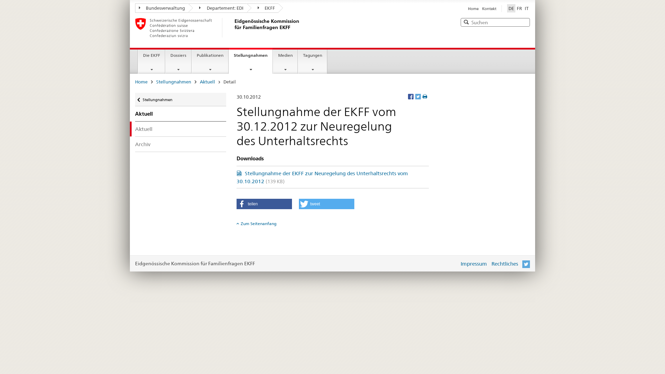 This screenshot has height=374, width=665. Describe the element at coordinates (250, 60) in the screenshot. I see `'Stellungnahmen` at that location.